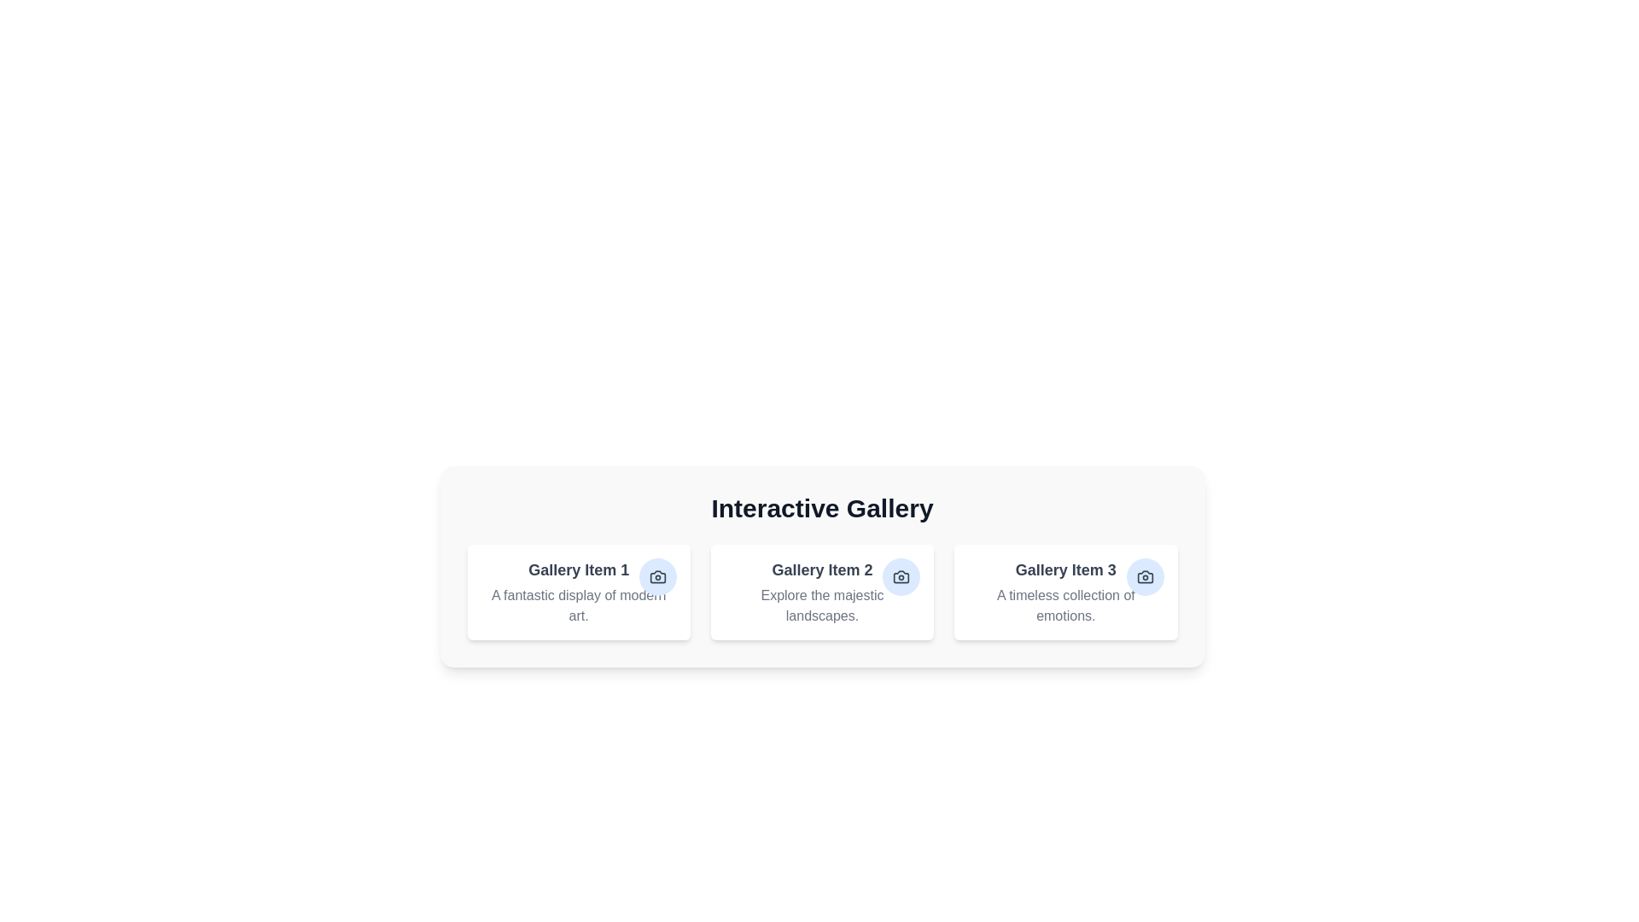 The image size is (1639, 922). What do you see at coordinates (1064, 592) in the screenshot?
I see `the gallery item with the title Gallery Item 3` at bounding box center [1064, 592].